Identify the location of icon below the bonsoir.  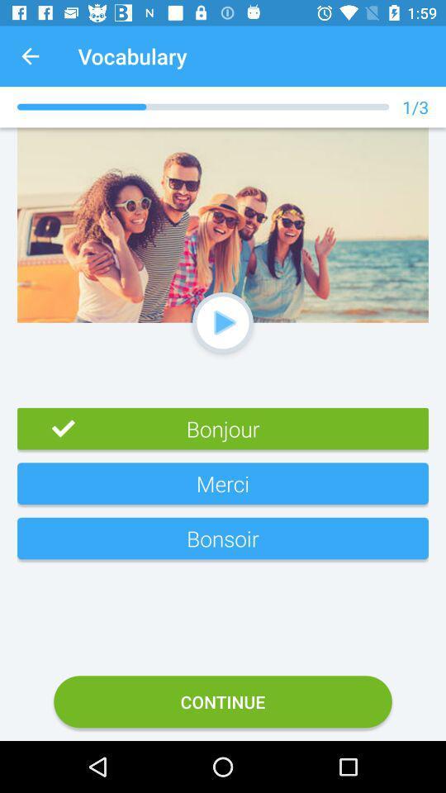
(223, 700).